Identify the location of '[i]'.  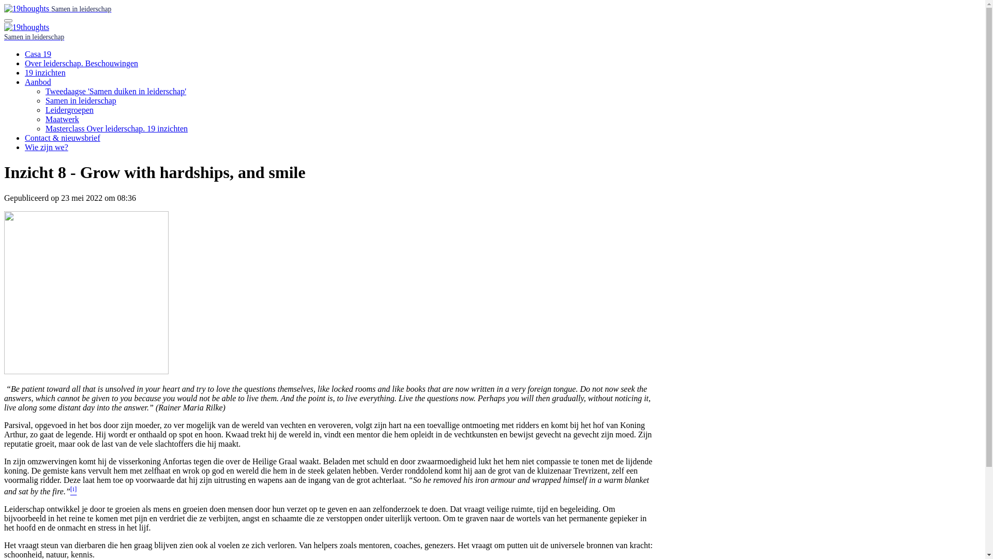
(73, 491).